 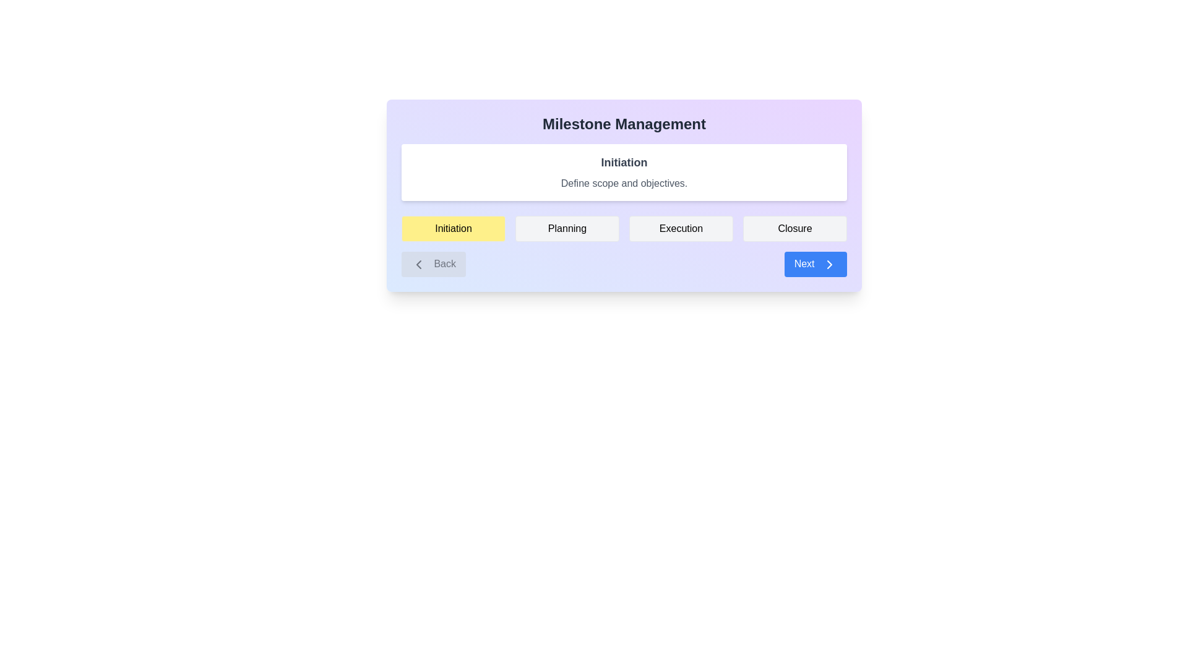 I want to click on text label that serves as the heading for the current stage in the milestone management interface, located at the center of the white rectangular section below the 'Milestone Management' title, so click(x=624, y=161).